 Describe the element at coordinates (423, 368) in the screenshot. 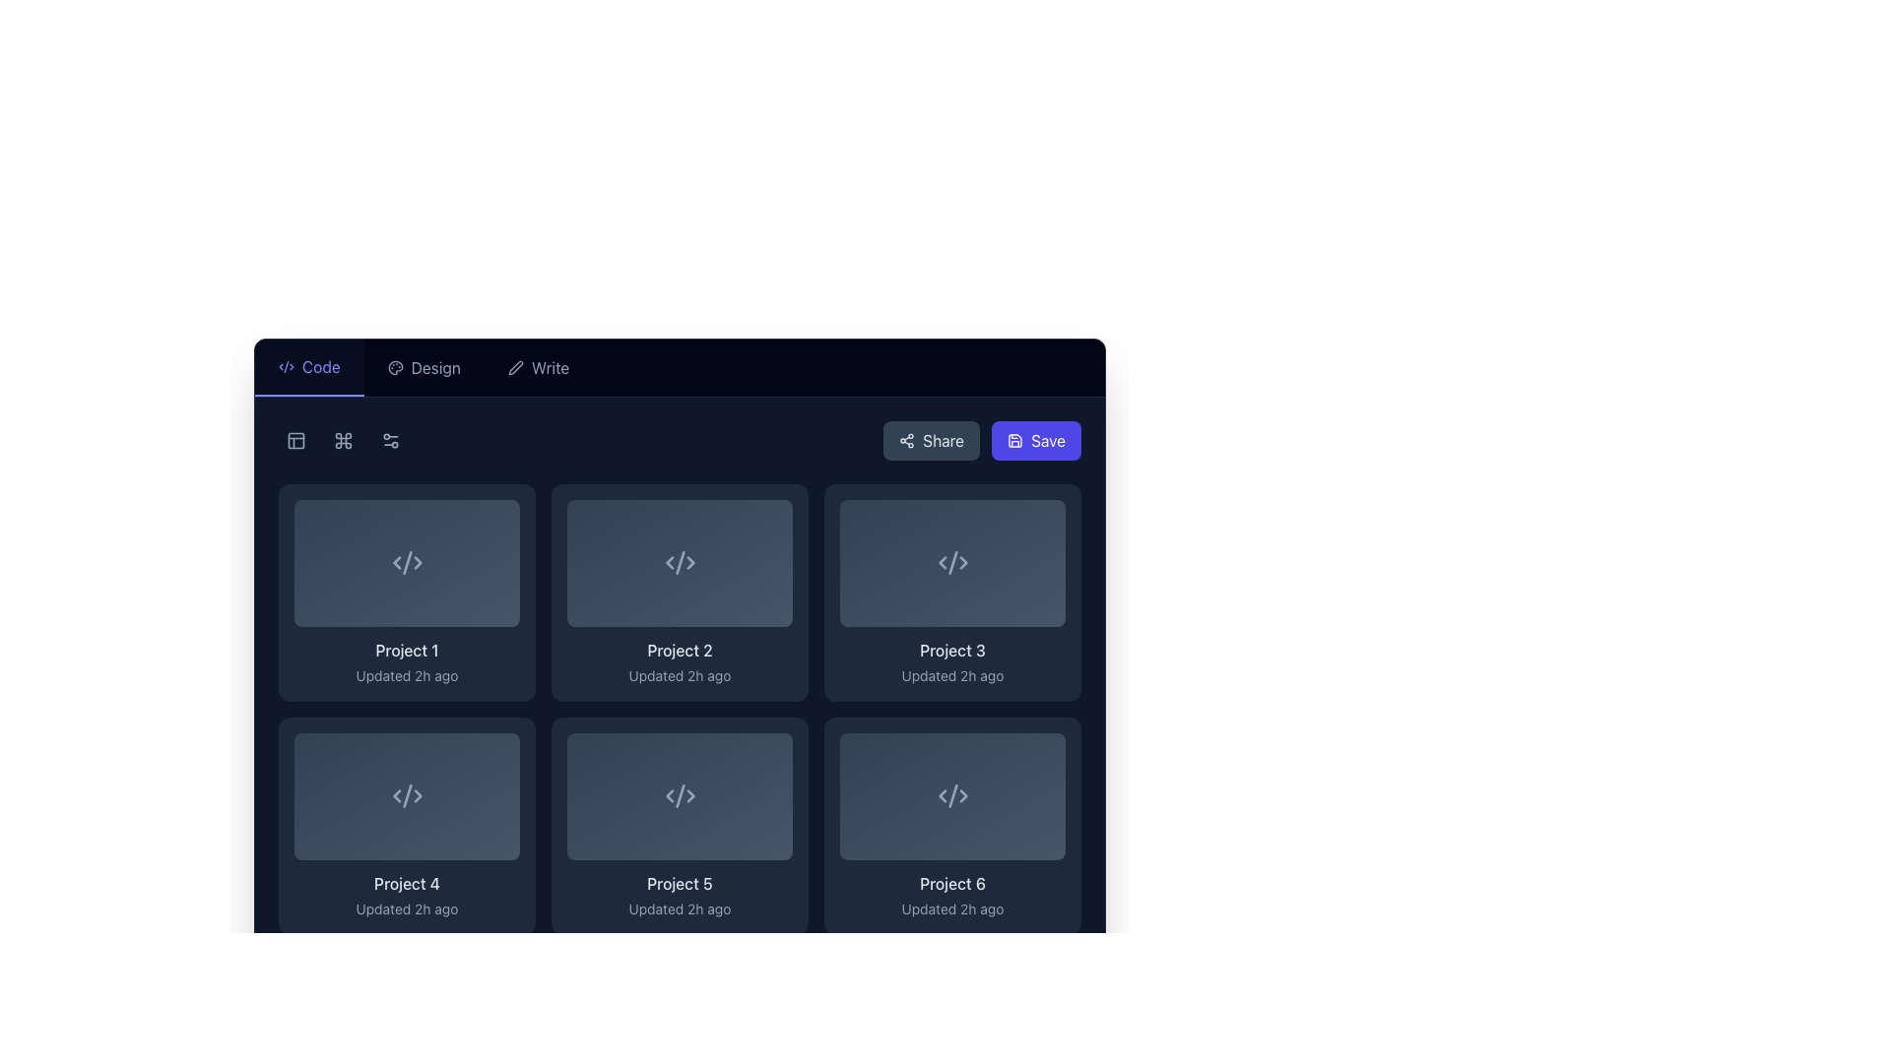

I see `the Navigation Button in the horizontal navigation bar` at that location.